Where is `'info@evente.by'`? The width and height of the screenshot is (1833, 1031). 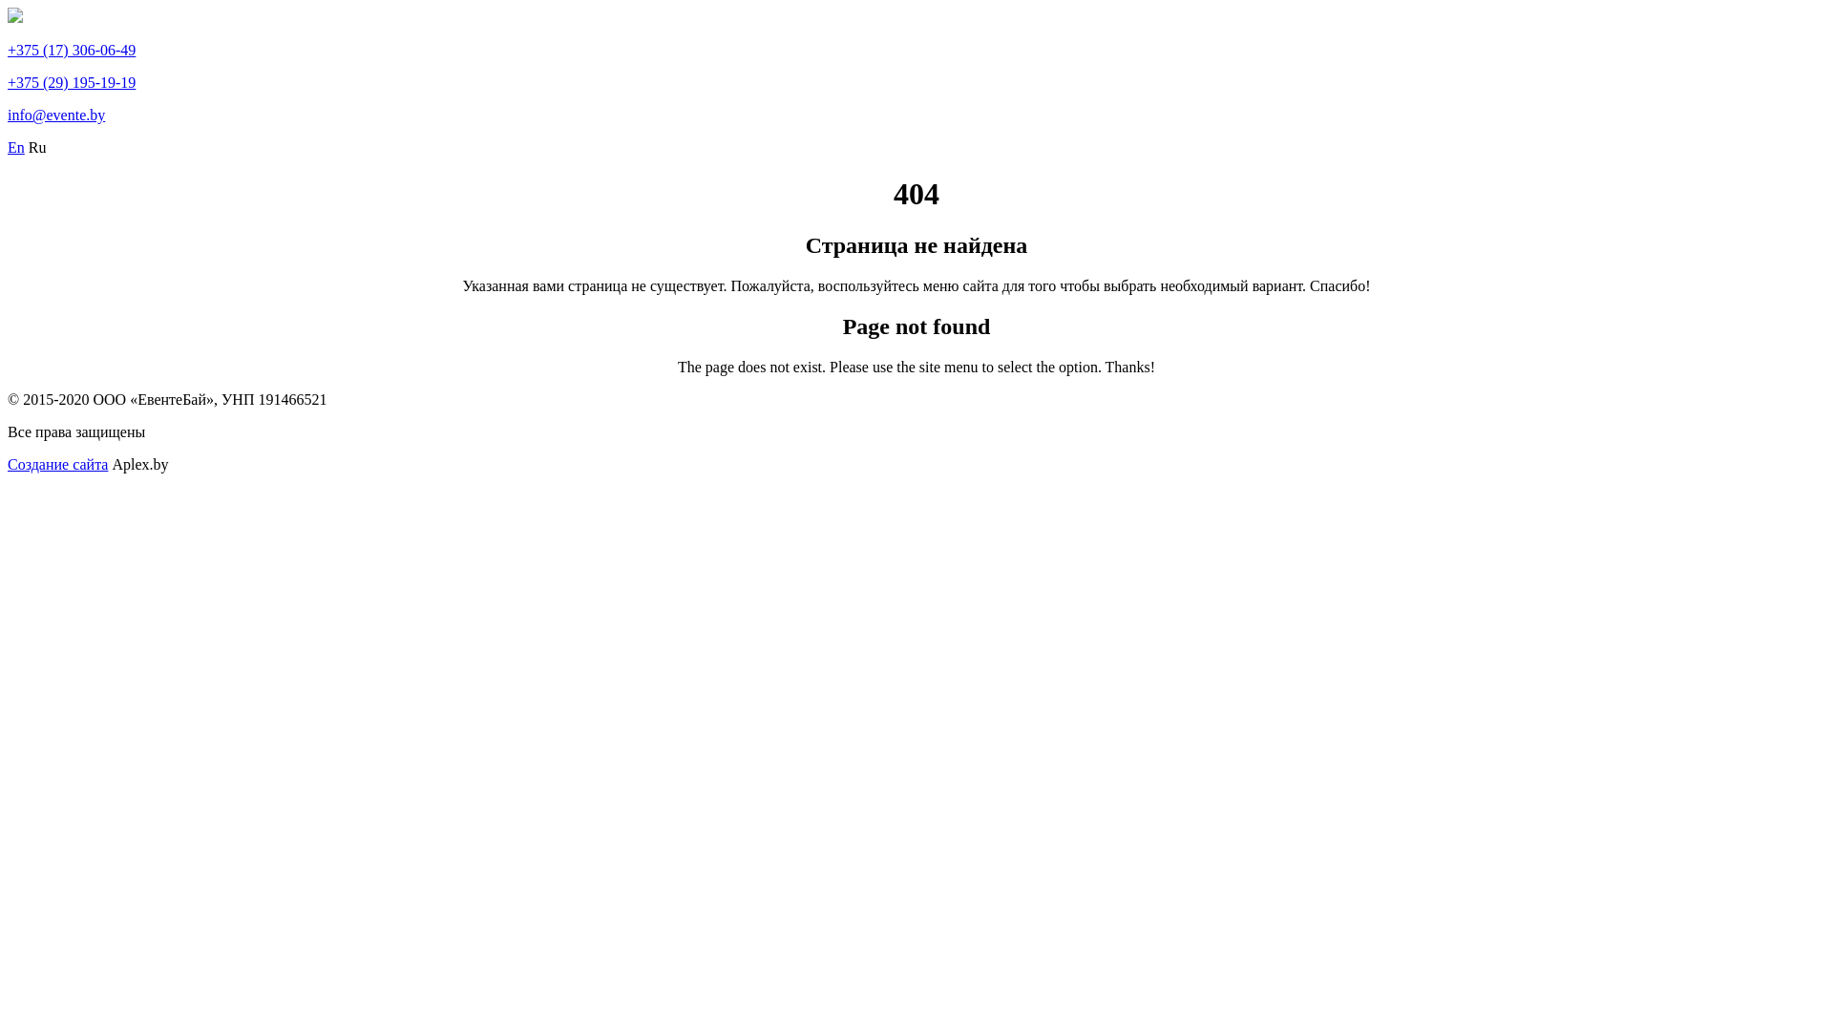
'info@evente.by' is located at coordinates (55, 115).